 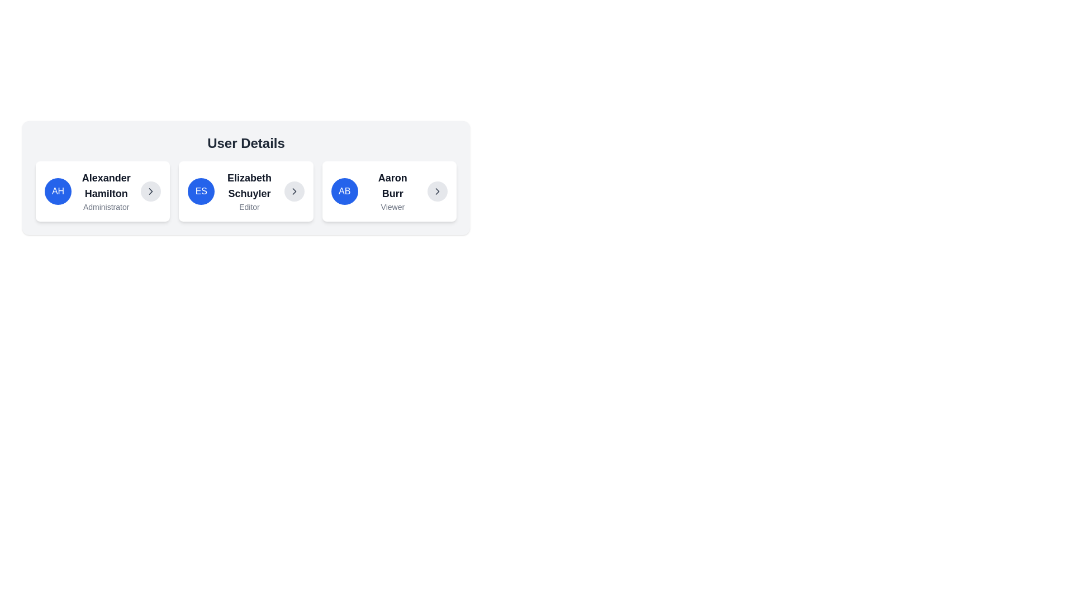 What do you see at coordinates (344, 191) in the screenshot?
I see `the circular avatar with a blue background containing the initials 'AB' for the user 'Aaron Burr', positioned in the leftmost part of the user card` at bounding box center [344, 191].